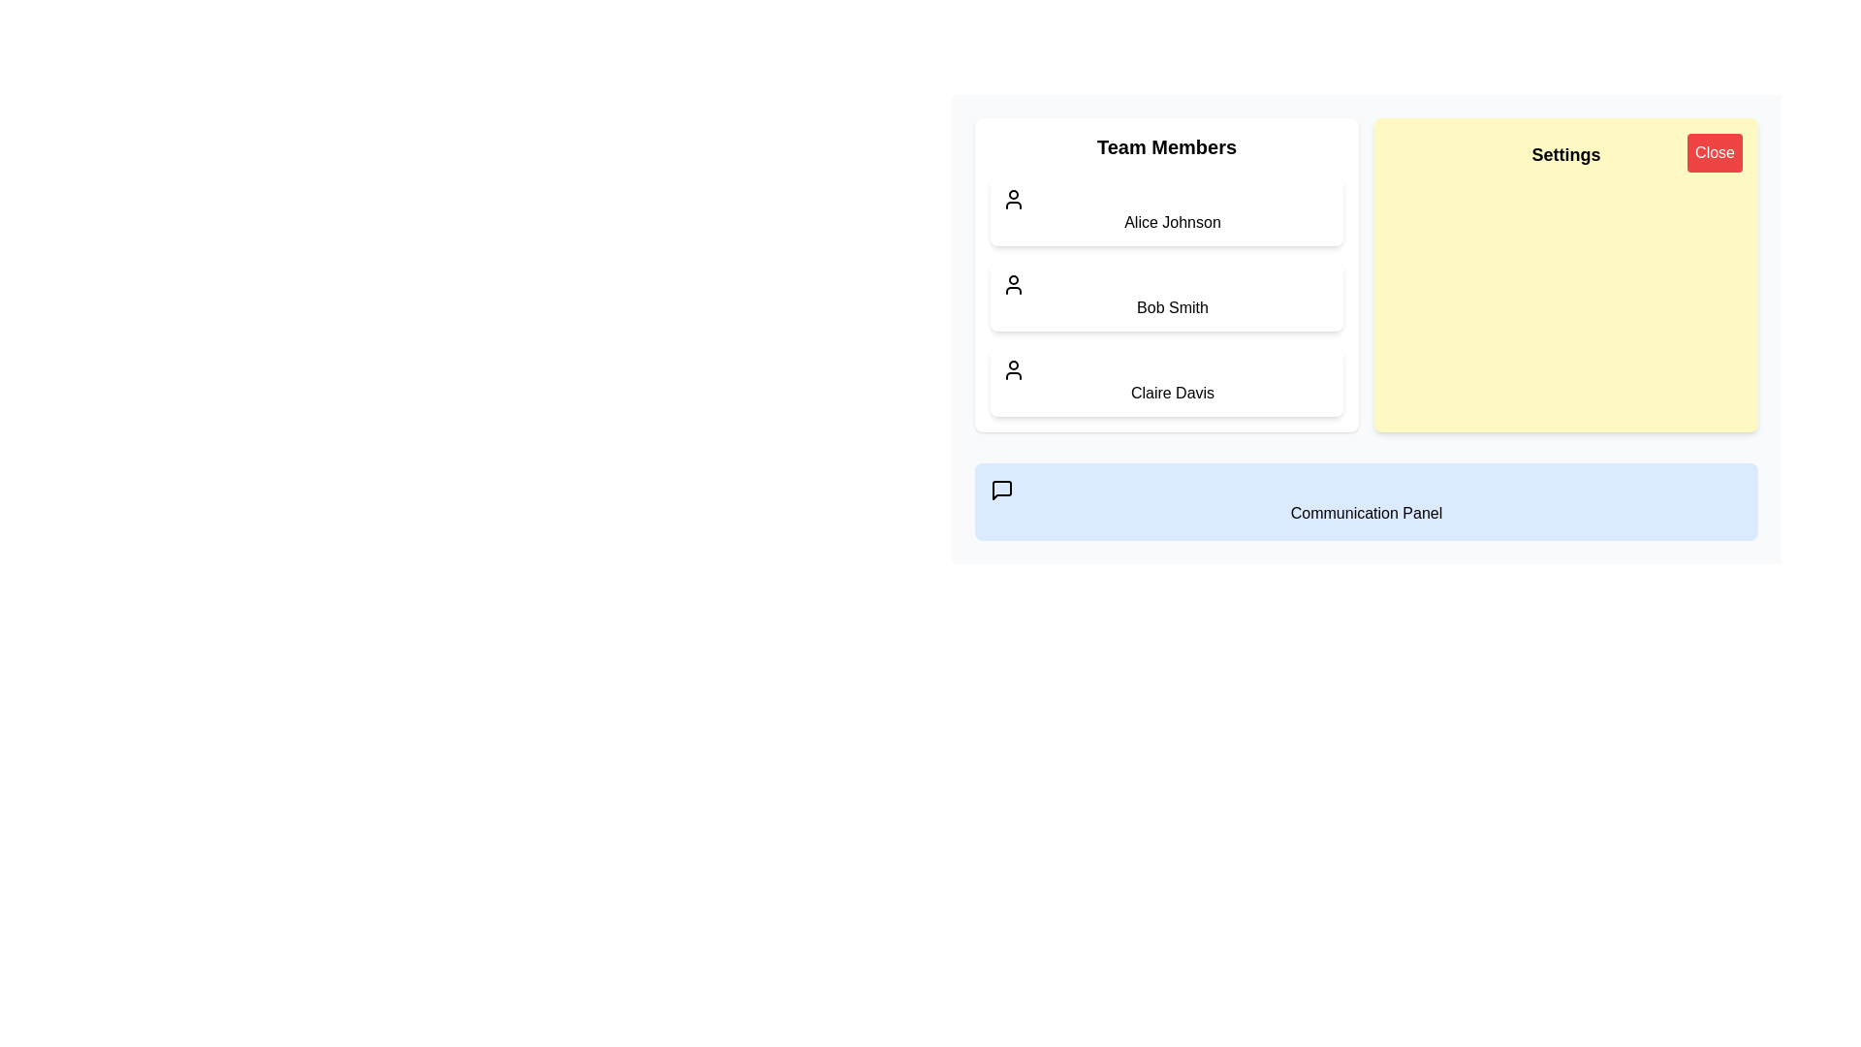 The height and width of the screenshot is (1047, 1861). Describe the element at coordinates (1166, 381) in the screenshot. I see `the contact entry 'Claire Davis' for reordering in the 'Team Members' section` at that location.